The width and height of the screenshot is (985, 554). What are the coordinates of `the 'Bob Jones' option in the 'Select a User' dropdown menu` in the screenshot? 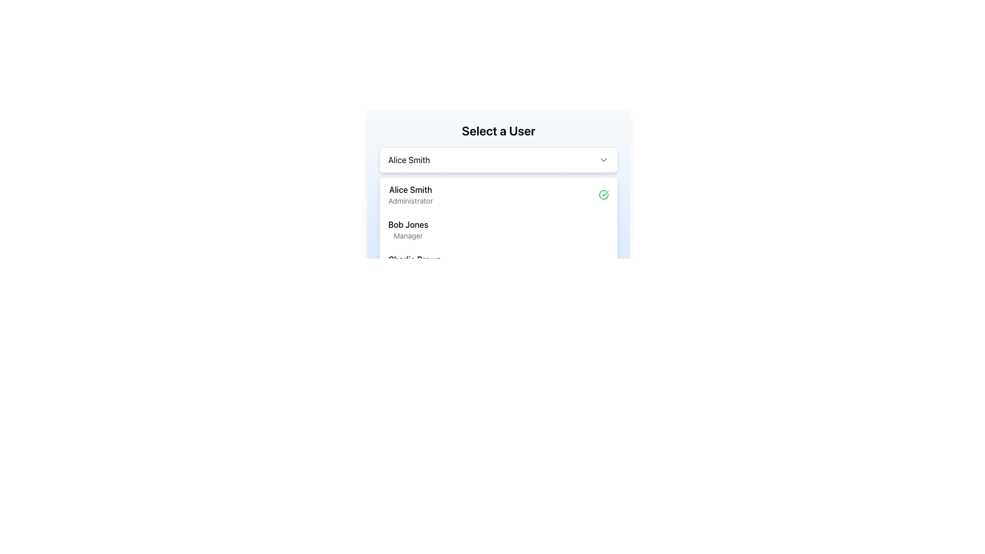 It's located at (498, 229).